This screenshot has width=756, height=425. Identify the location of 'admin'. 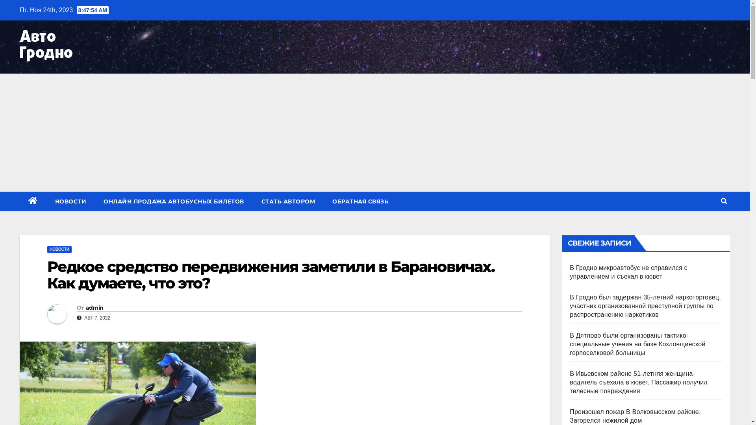
(94, 307).